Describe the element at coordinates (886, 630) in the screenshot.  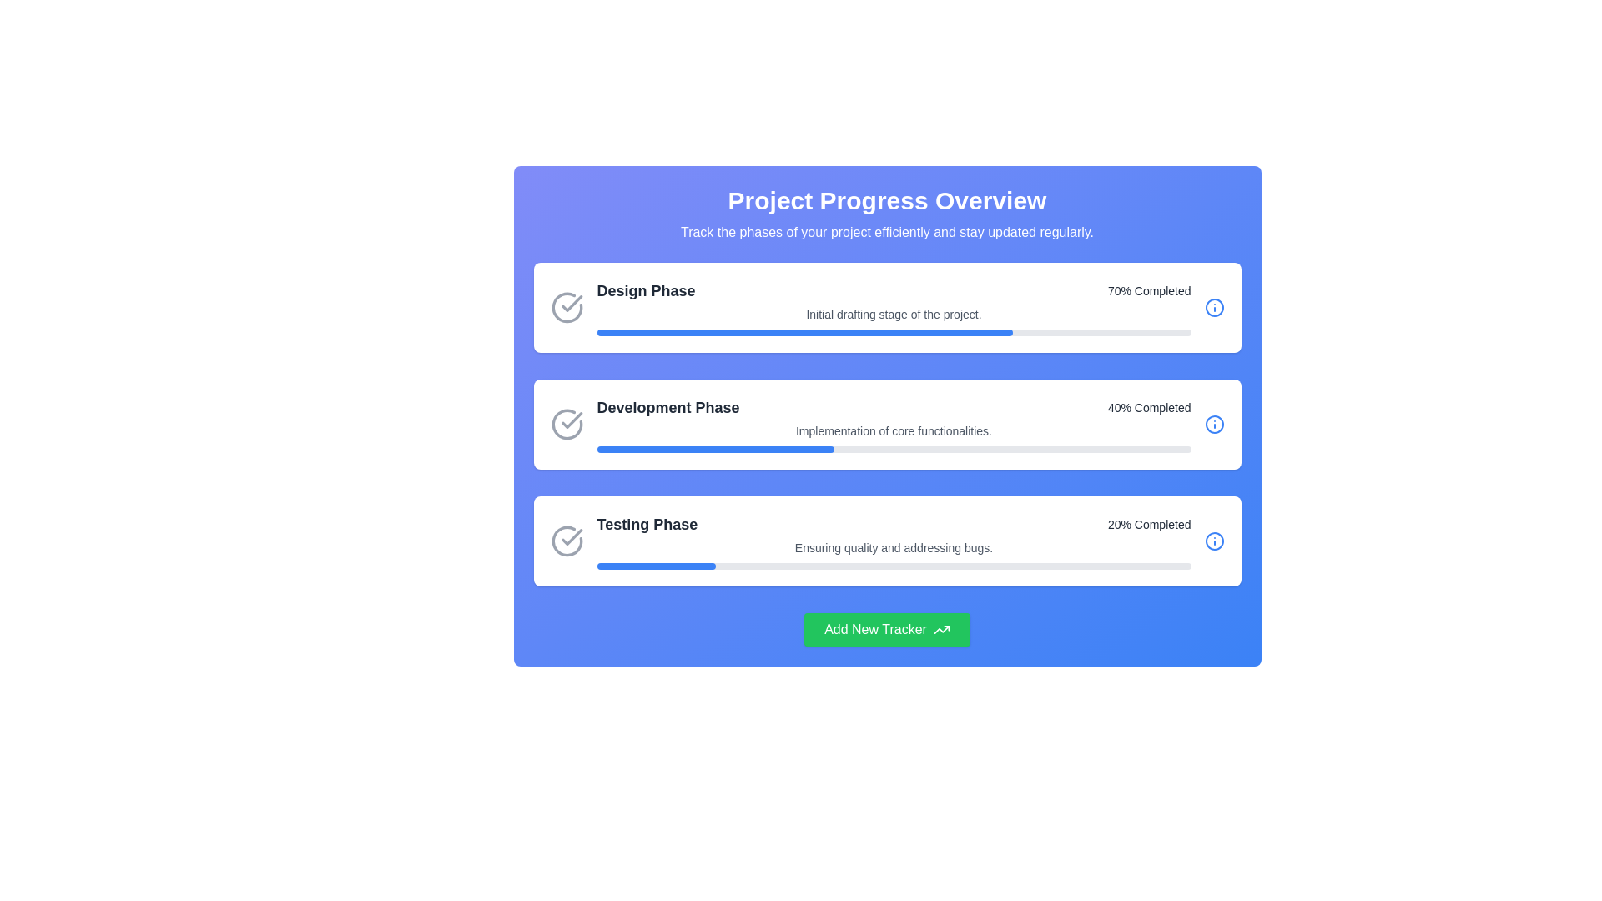
I see `the button that enables users to add a new tracker` at that location.